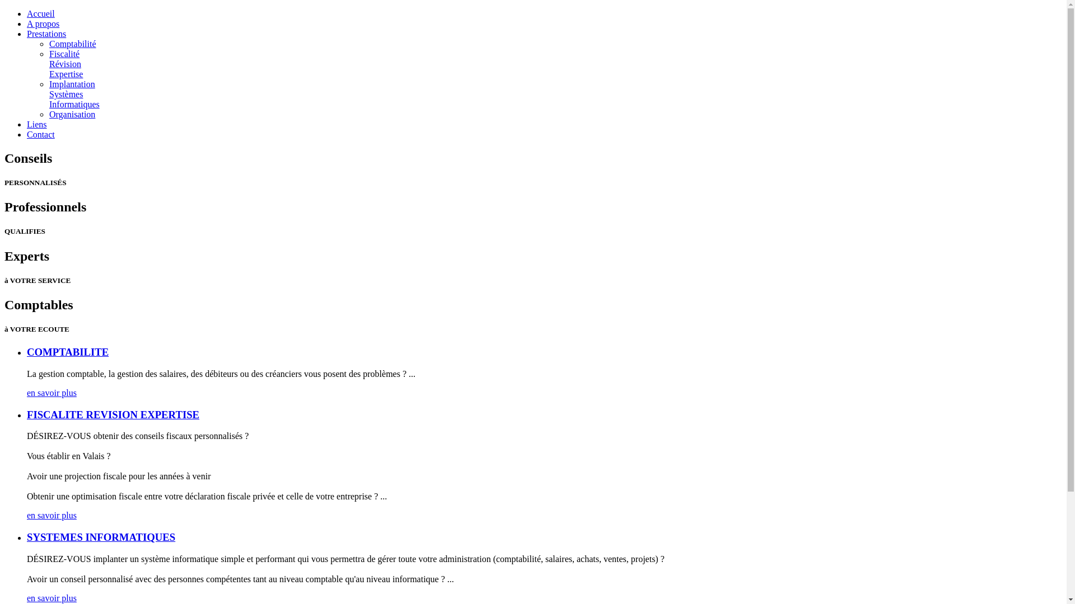 This screenshot has height=604, width=1075. What do you see at coordinates (27, 13) in the screenshot?
I see `'Accueil'` at bounding box center [27, 13].